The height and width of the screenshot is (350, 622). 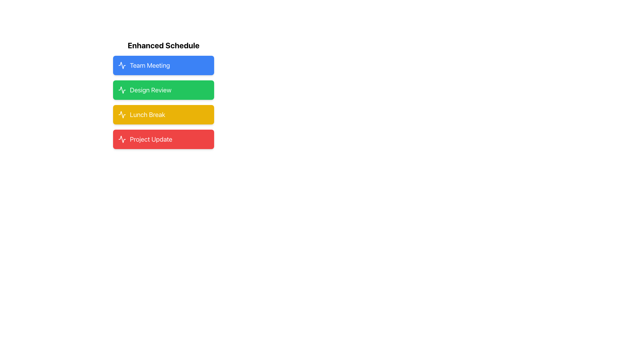 I want to click on the decorative vector graphic in the 'Lunch Break' section of the vertical list, which is aligned with the yellow background, so click(x=122, y=114).